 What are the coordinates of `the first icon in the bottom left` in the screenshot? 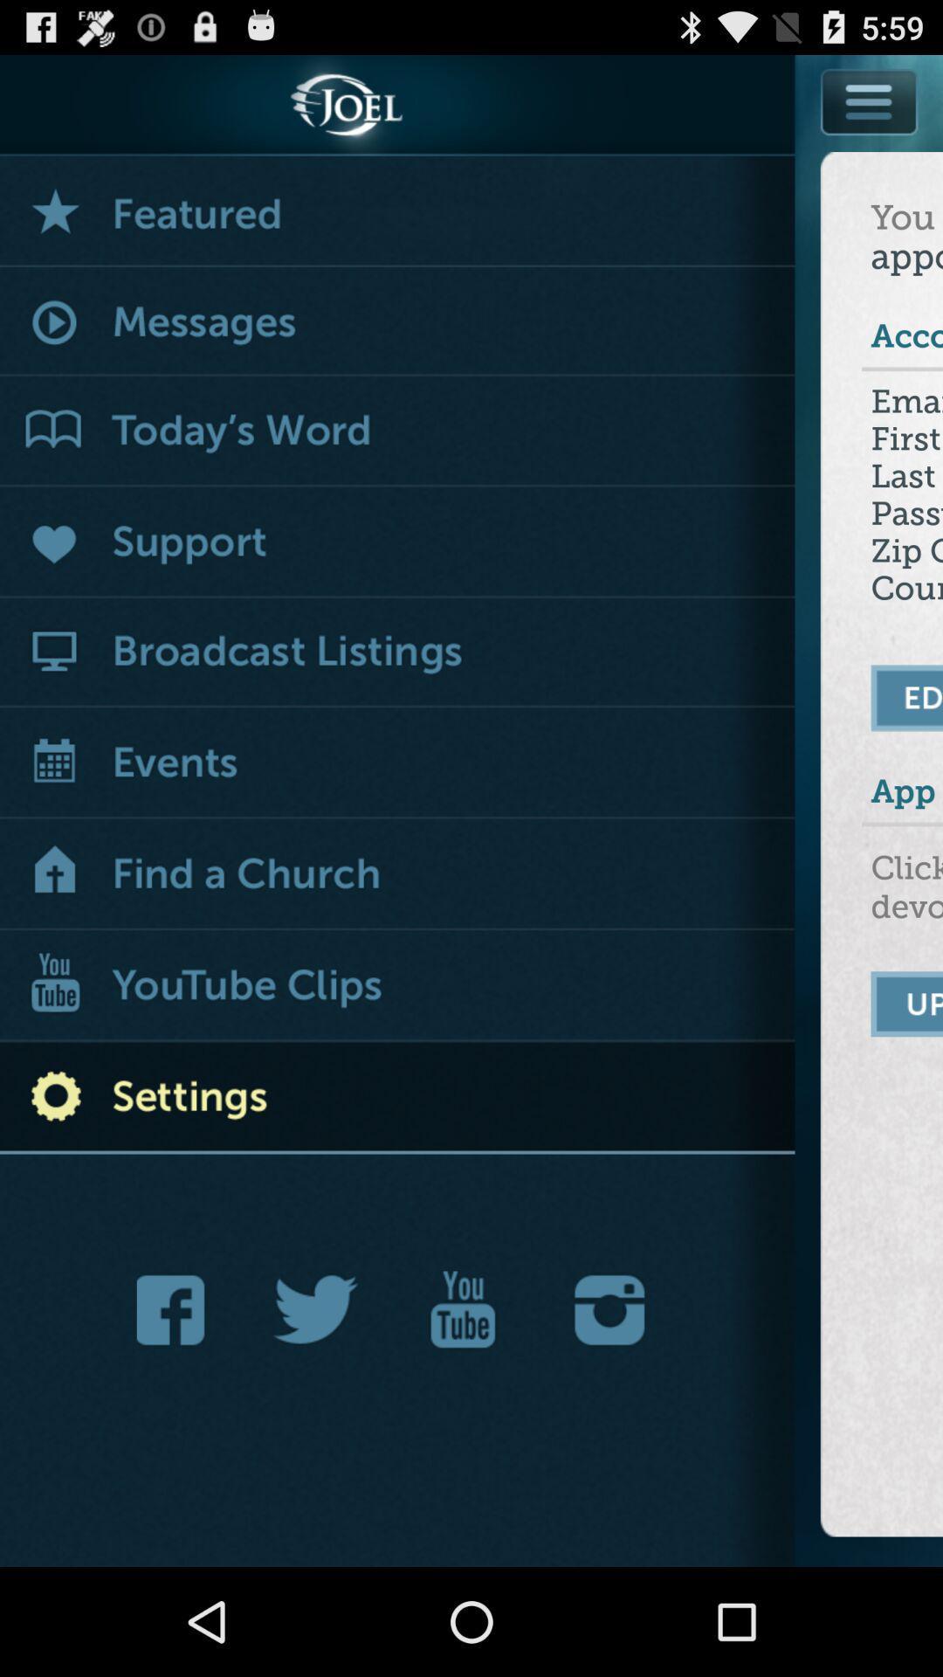 It's located at (176, 1310).